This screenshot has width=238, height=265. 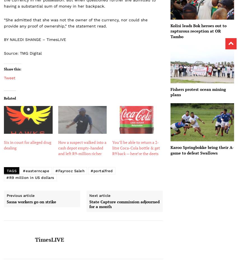 What do you see at coordinates (23, 53) in the screenshot?
I see `'Source: TMG Digital'` at bounding box center [23, 53].